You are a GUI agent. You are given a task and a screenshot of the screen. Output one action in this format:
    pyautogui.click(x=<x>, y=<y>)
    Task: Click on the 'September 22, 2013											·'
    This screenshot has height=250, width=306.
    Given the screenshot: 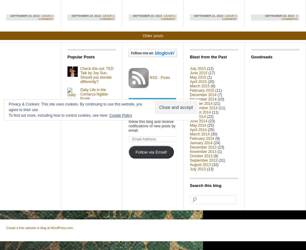 What is the action you would take?
    pyautogui.click(x=148, y=16)
    